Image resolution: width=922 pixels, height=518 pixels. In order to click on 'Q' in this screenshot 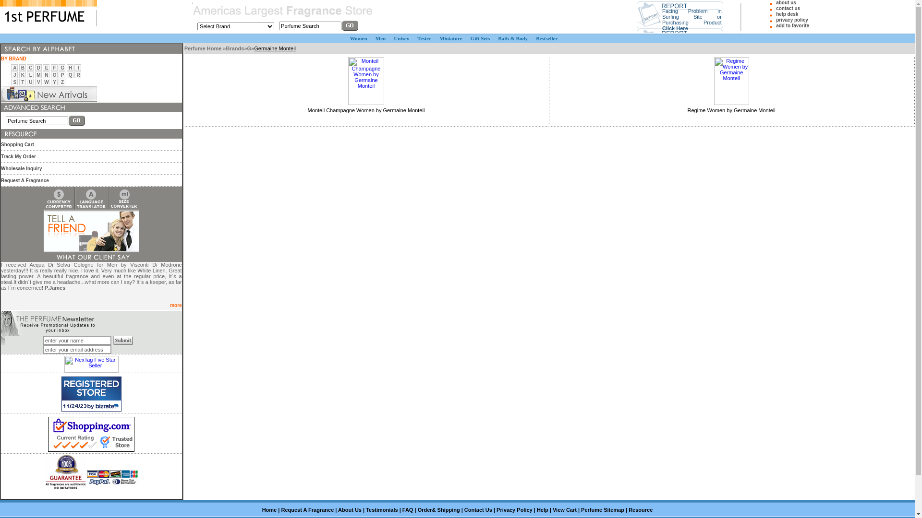, I will do `click(70, 74)`.